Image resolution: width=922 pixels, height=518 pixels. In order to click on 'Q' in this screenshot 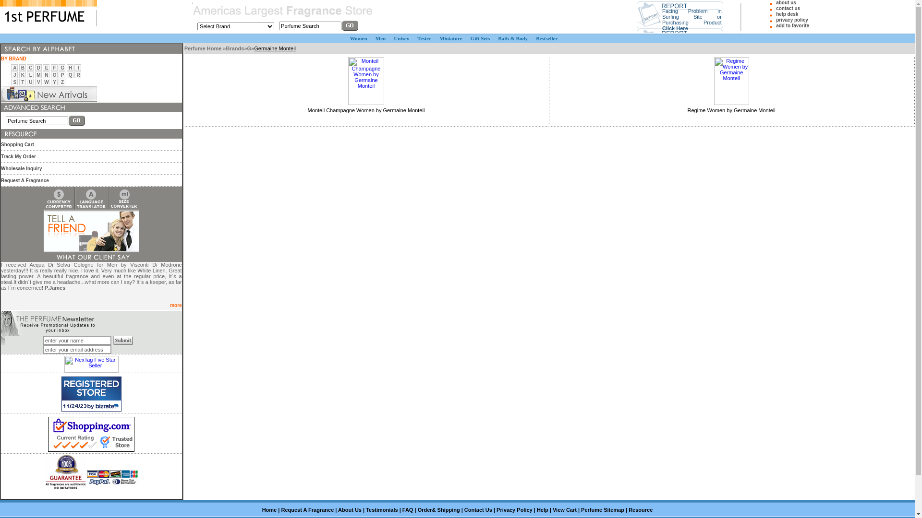, I will do `click(70, 74)`.